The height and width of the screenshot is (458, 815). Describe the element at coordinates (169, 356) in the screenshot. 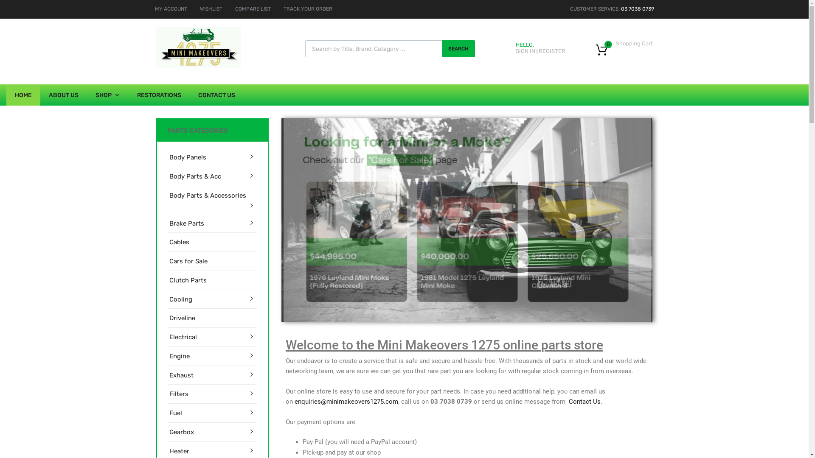

I see `'Engine'` at that location.